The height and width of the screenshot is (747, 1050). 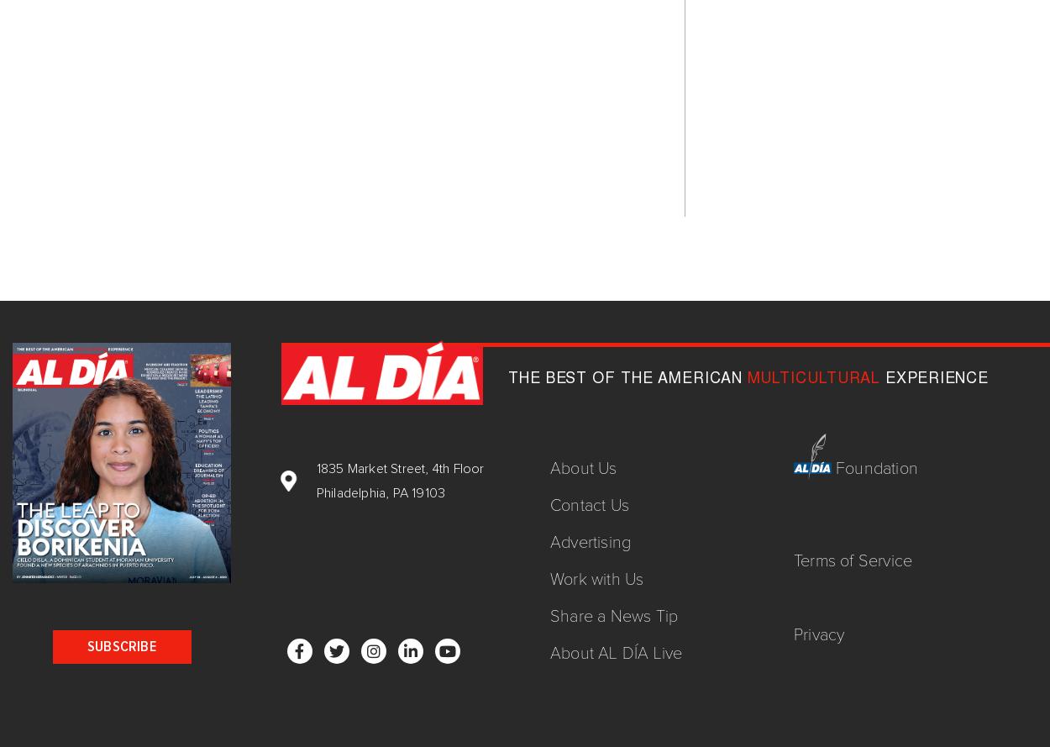 What do you see at coordinates (615, 652) in the screenshot?
I see `'About AL DÍA Live'` at bounding box center [615, 652].